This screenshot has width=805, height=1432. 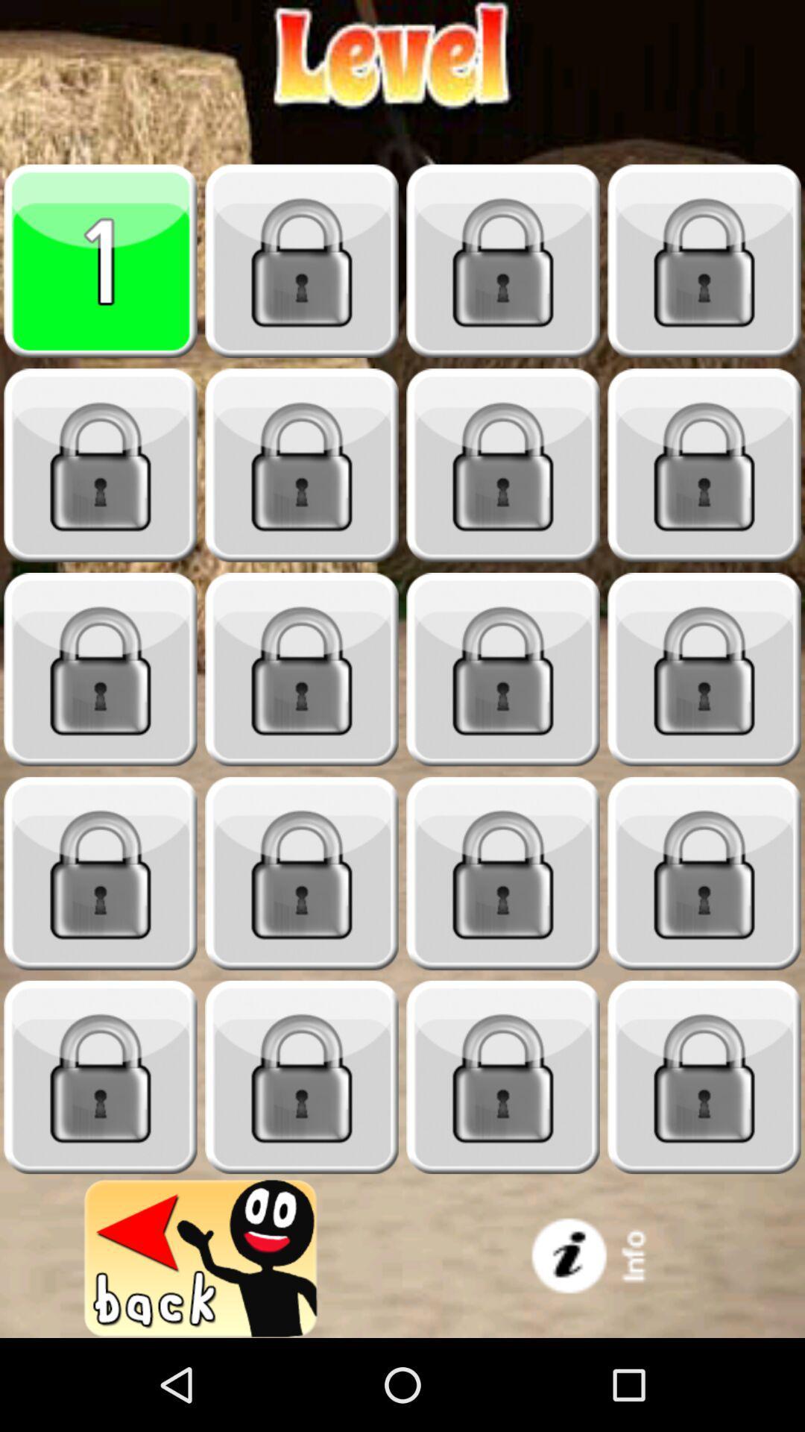 I want to click on key button, so click(x=302, y=261).